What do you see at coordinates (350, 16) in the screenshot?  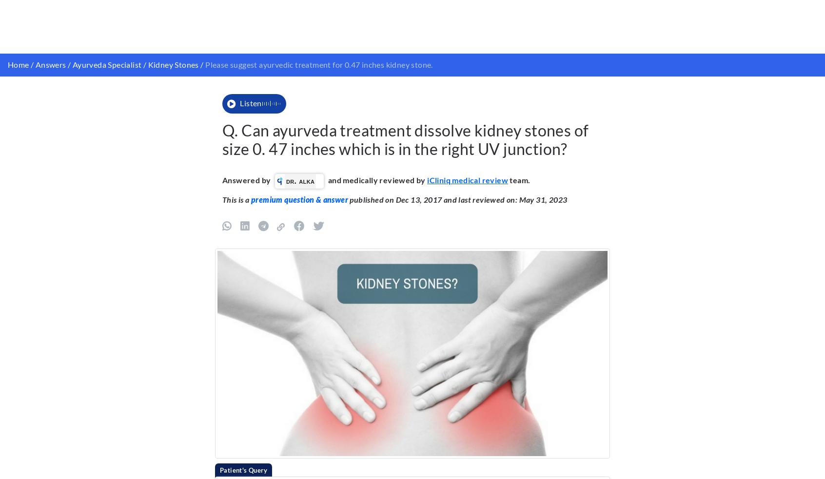 I see `'Menstrual Period'` at bounding box center [350, 16].